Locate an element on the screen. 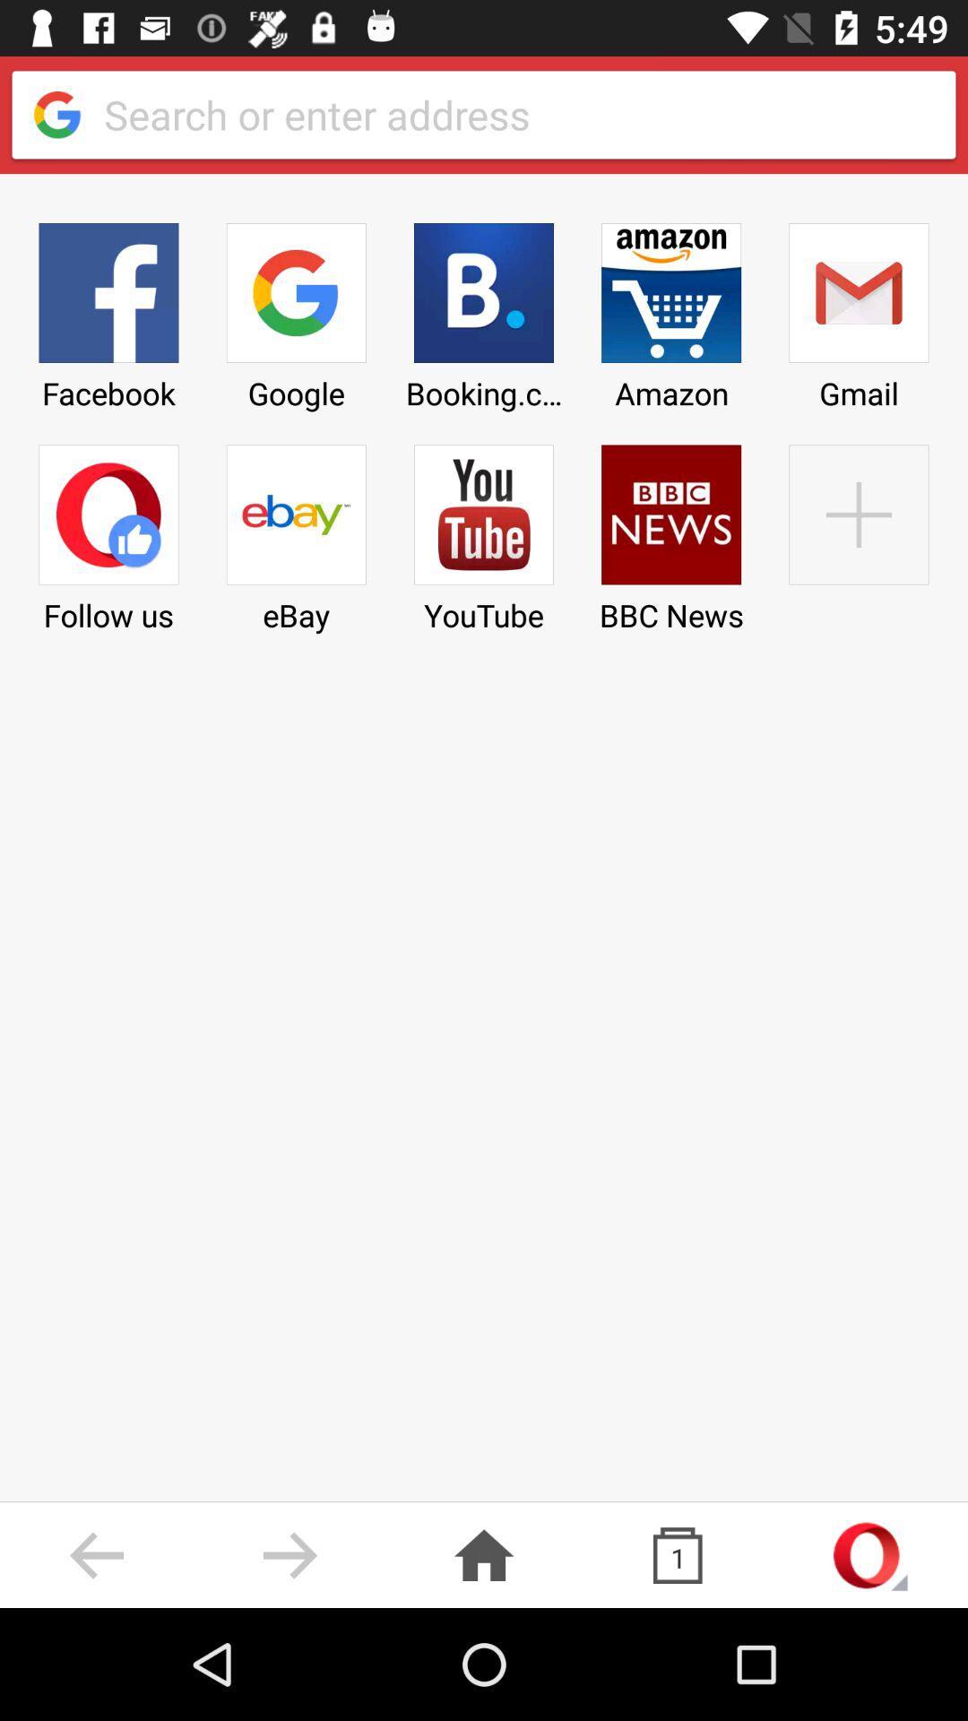  the home icon is located at coordinates (484, 1554).